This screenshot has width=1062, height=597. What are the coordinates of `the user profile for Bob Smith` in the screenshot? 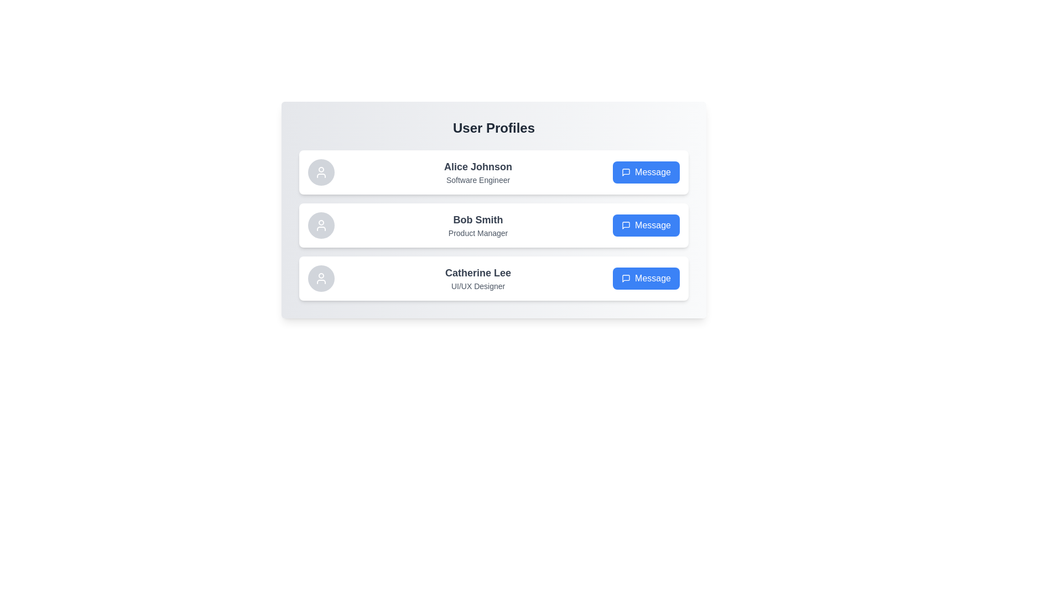 It's located at (493, 225).